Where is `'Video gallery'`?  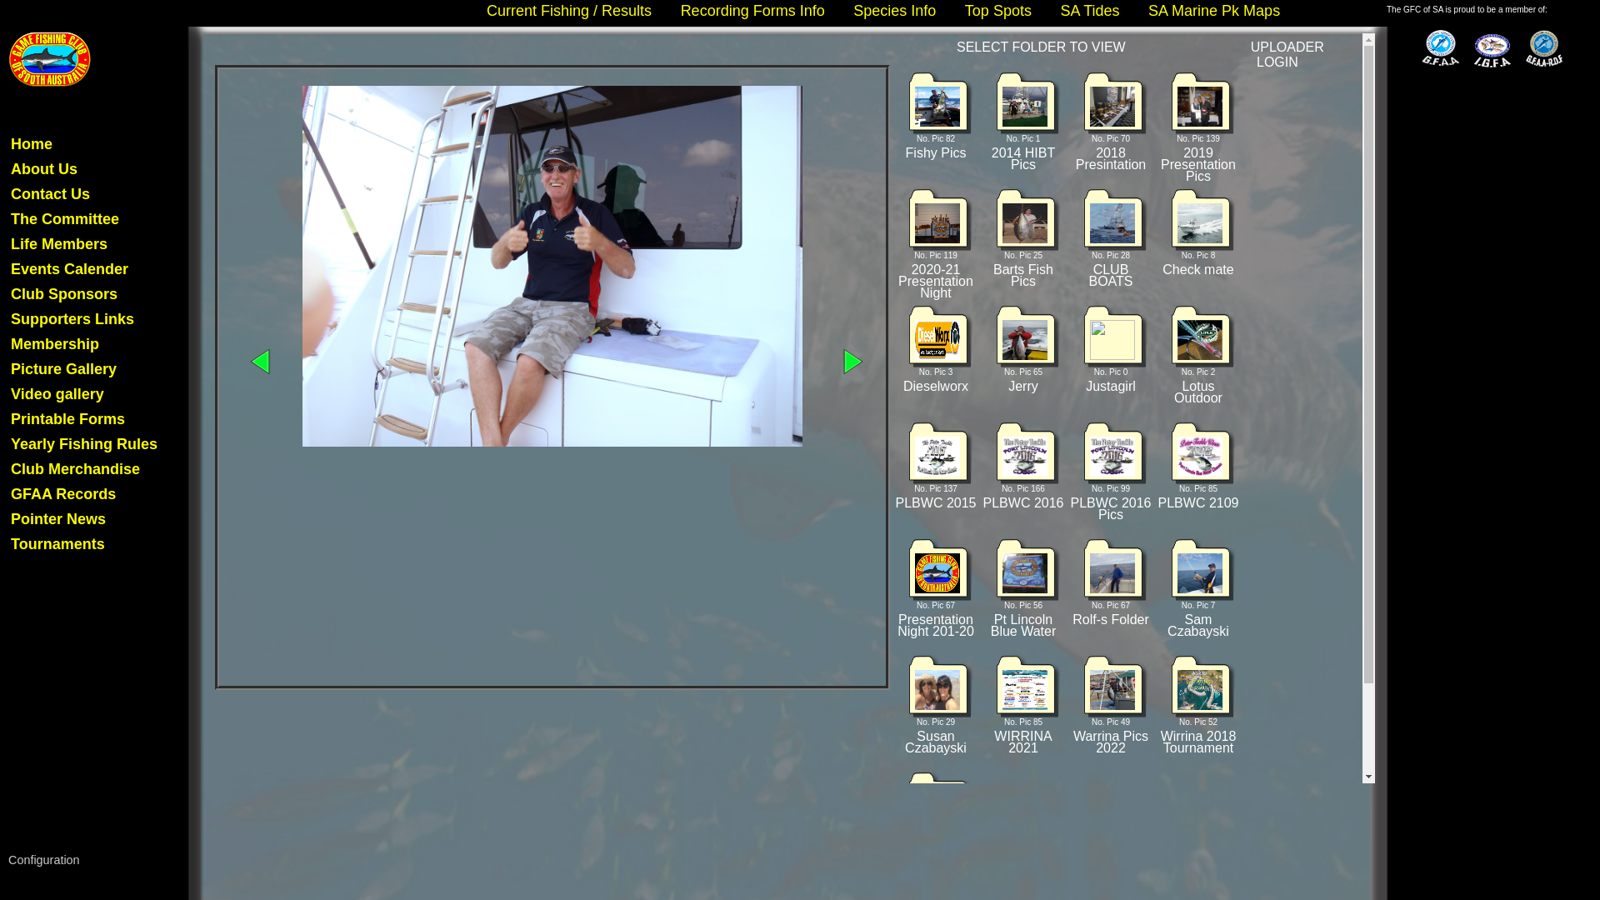 'Video gallery' is located at coordinates (57, 394).